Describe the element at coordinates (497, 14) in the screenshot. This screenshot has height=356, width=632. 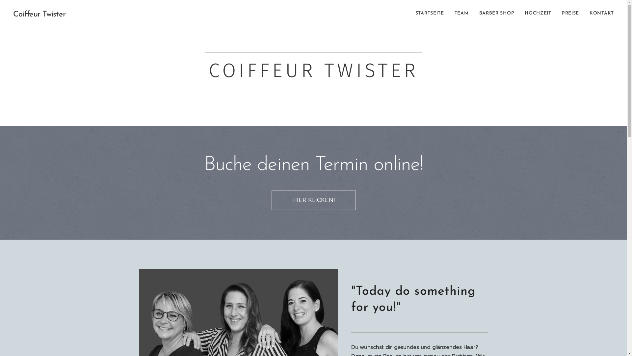
I see `'BARBER SHOP'` at that location.